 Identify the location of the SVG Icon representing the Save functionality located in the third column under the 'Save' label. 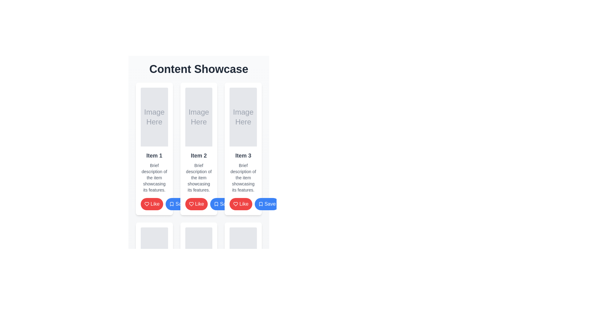
(261, 204).